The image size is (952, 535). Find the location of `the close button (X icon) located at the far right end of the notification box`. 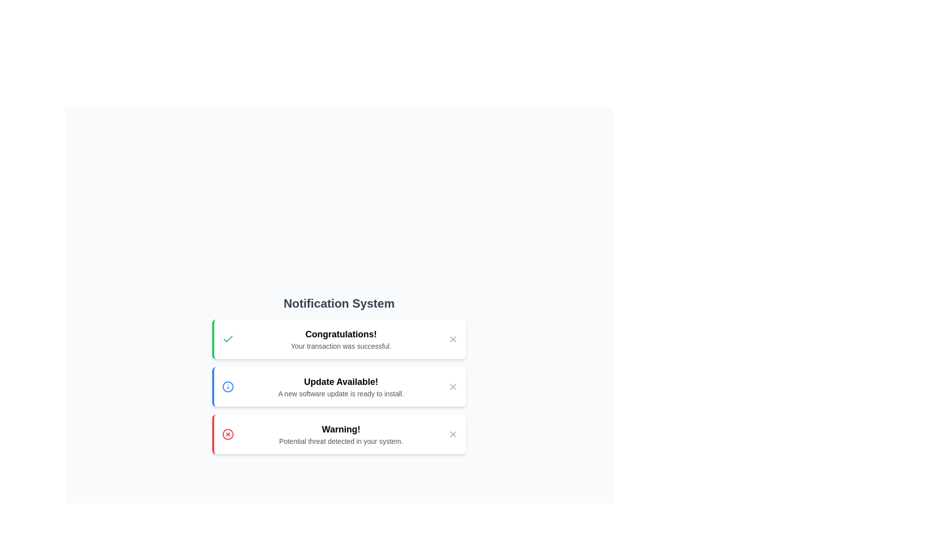

the close button (X icon) located at the far right end of the notification box is located at coordinates (452, 433).